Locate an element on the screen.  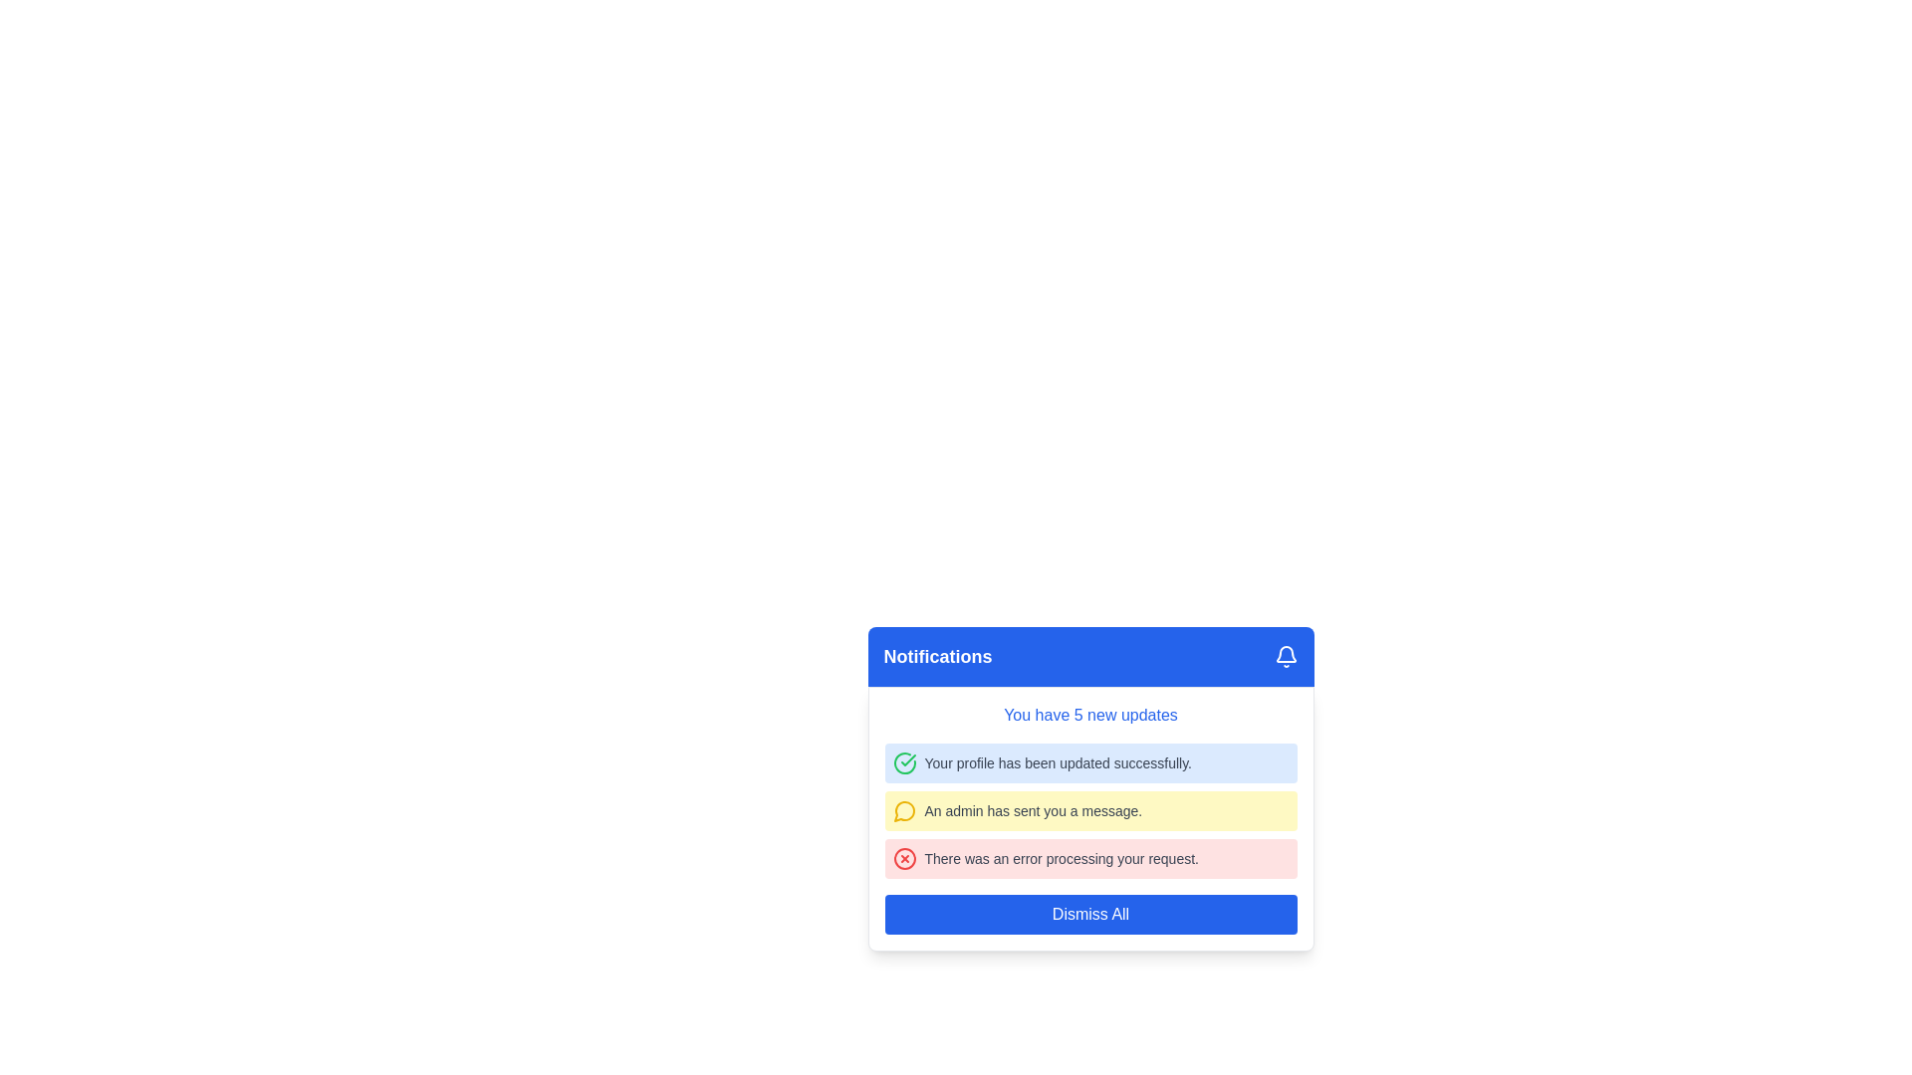
the text label indicating five new updates available for the user, located at the top of the notification message area is located at coordinates (1089, 714).